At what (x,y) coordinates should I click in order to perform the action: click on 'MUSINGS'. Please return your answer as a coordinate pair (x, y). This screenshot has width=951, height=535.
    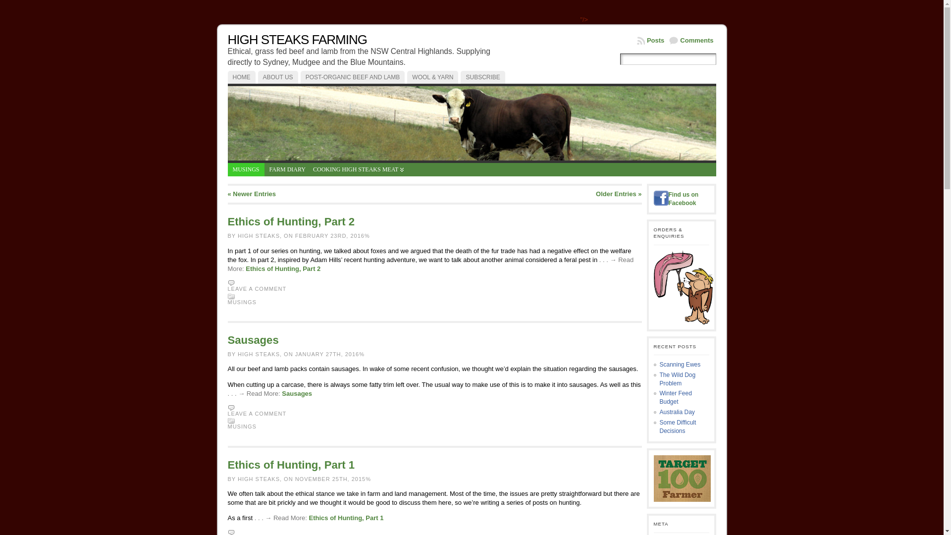
    Looking at the image, I should click on (242, 301).